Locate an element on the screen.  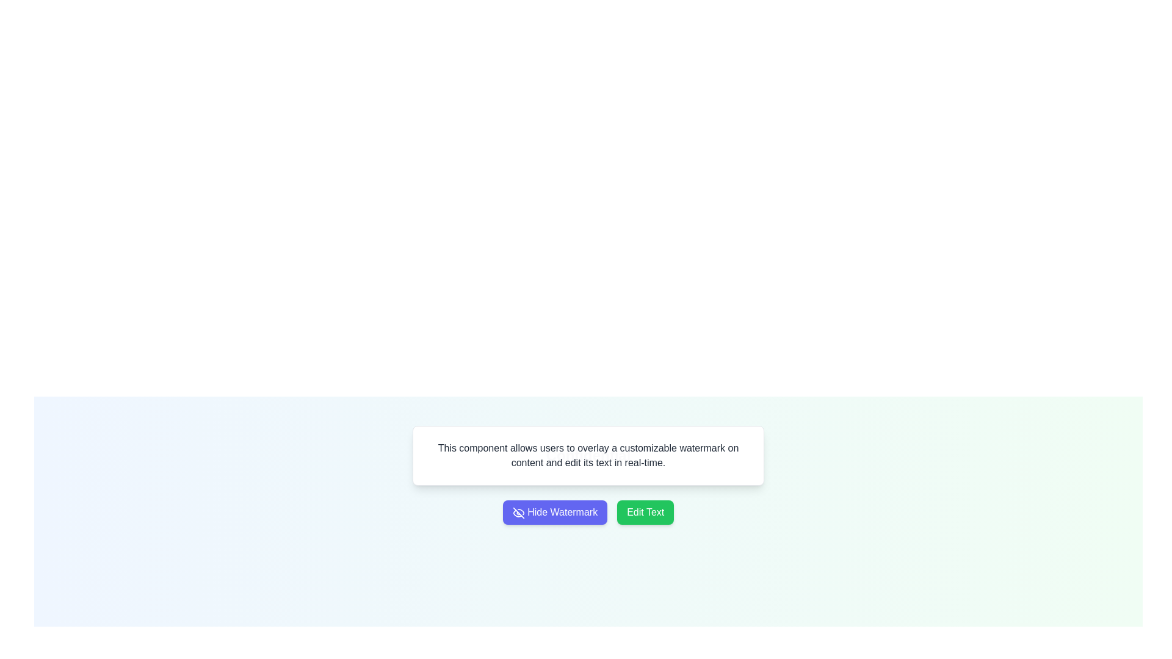
the two adjacent buttons: 'Hide Watermark' and 'Edit Text' is located at coordinates (588, 513).